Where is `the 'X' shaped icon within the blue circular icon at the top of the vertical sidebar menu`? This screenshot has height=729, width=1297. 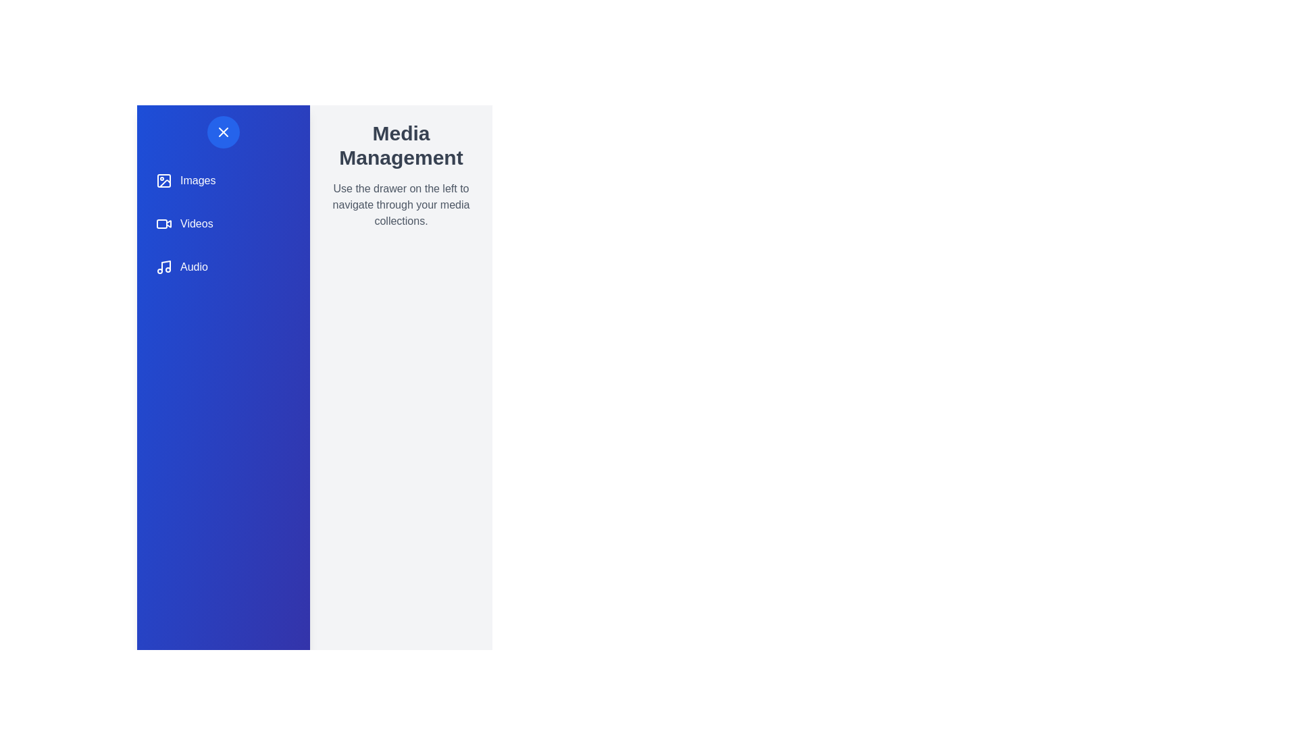 the 'X' shaped icon within the blue circular icon at the top of the vertical sidebar menu is located at coordinates (224, 132).